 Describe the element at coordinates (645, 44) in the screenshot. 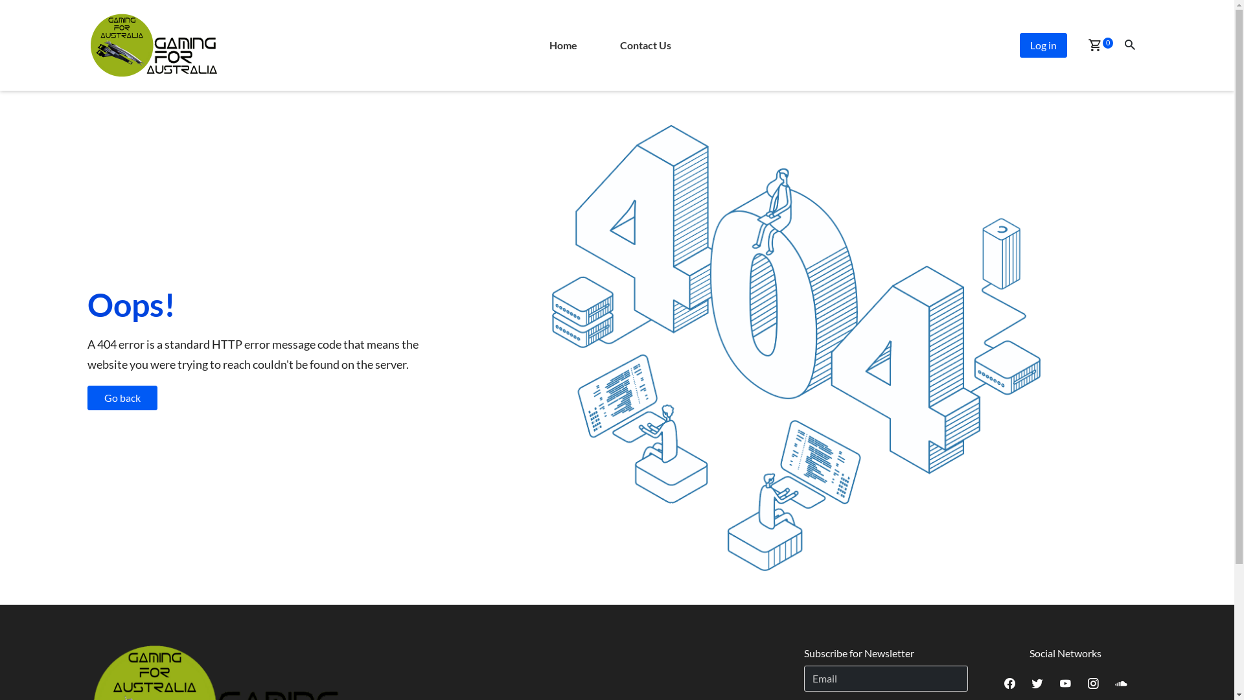

I see `'Contact Us'` at that location.